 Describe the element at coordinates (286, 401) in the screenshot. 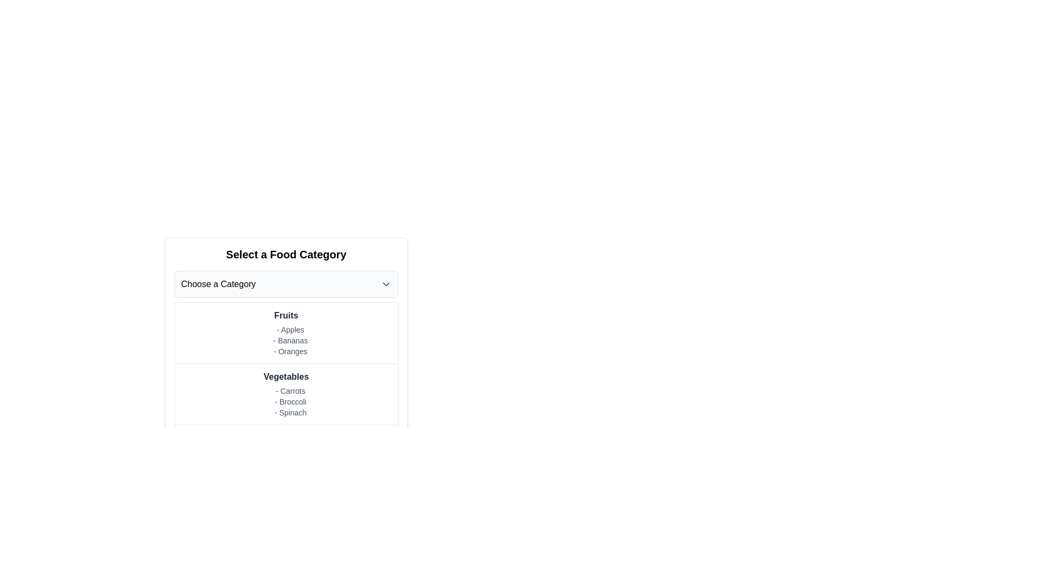

I see `the text block containing the list items '- Carrots', '- Broccoli', and '- Spinach' to highlight it` at that location.